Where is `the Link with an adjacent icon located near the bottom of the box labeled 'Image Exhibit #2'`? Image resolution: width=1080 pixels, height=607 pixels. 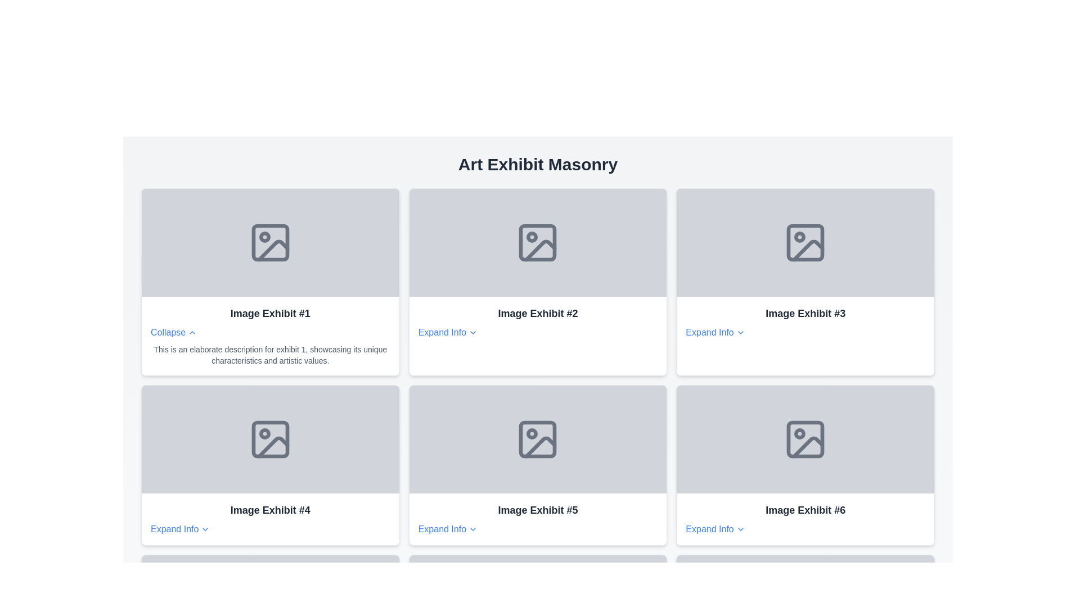 the Link with an adjacent icon located near the bottom of the box labeled 'Image Exhibit #2' is located at coordinates (447, 332).